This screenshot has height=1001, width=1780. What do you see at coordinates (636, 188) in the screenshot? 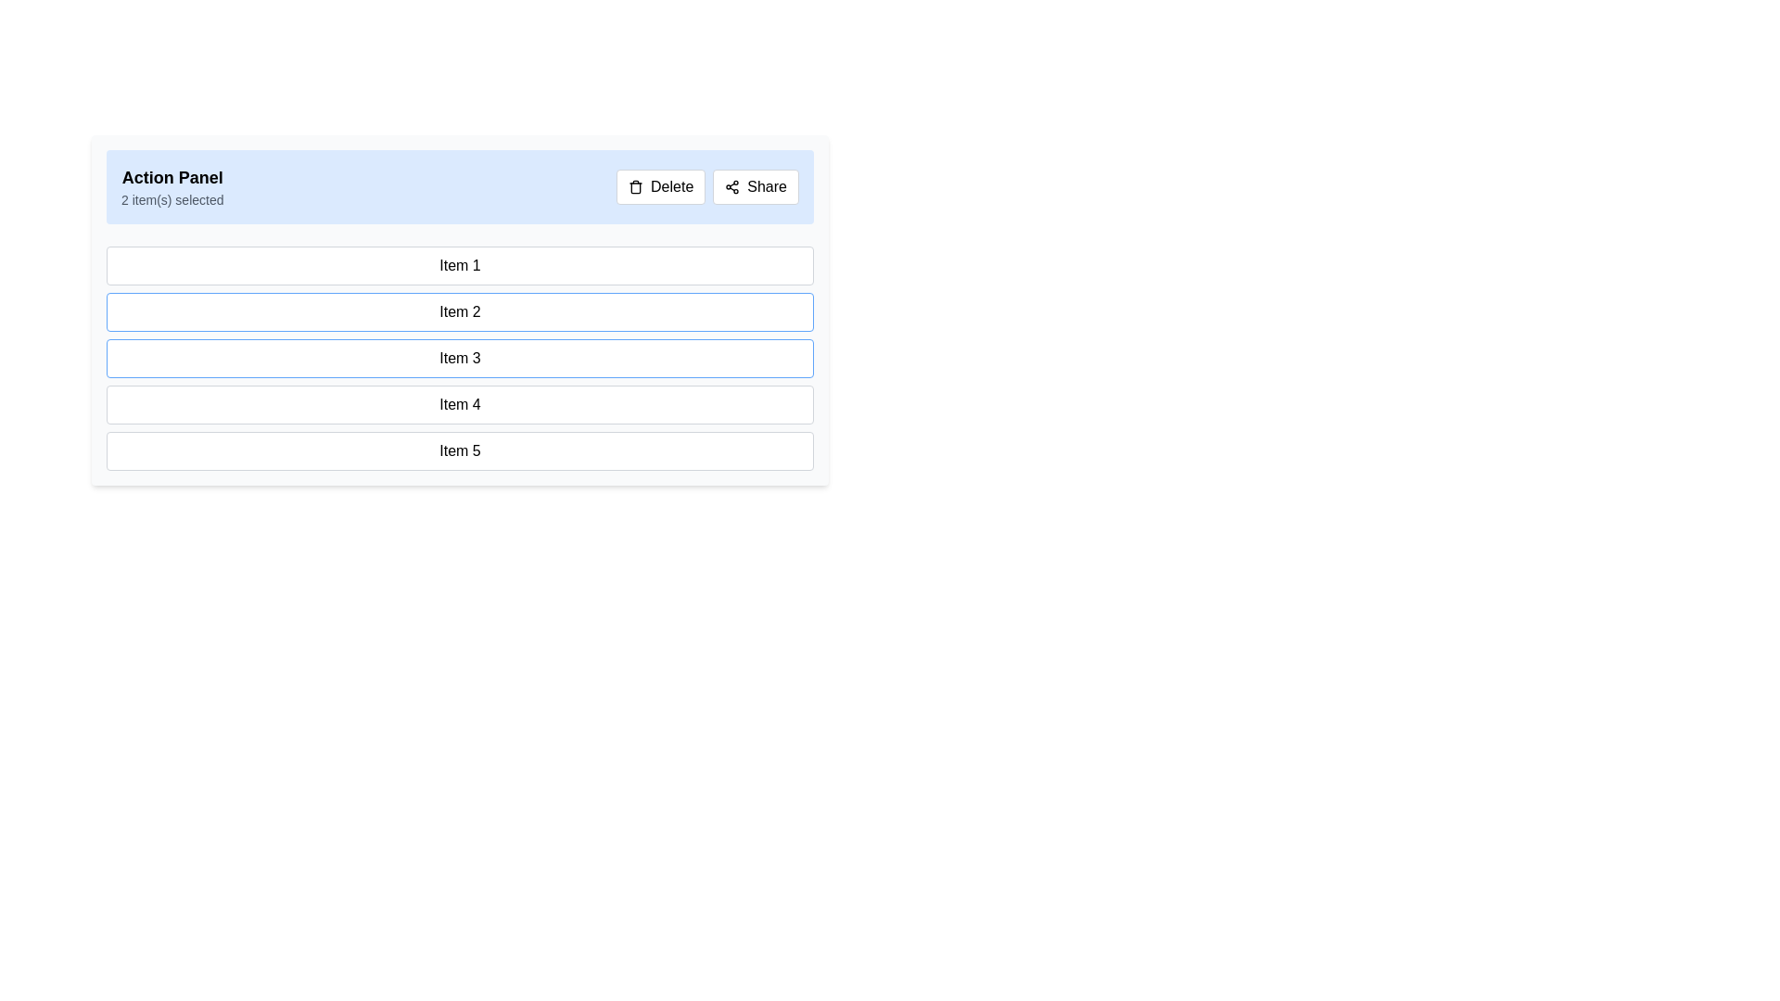
I see `the delete icon located at the top-right corner of the interface, embedded within the delete button` at bounding box center [636, 188].